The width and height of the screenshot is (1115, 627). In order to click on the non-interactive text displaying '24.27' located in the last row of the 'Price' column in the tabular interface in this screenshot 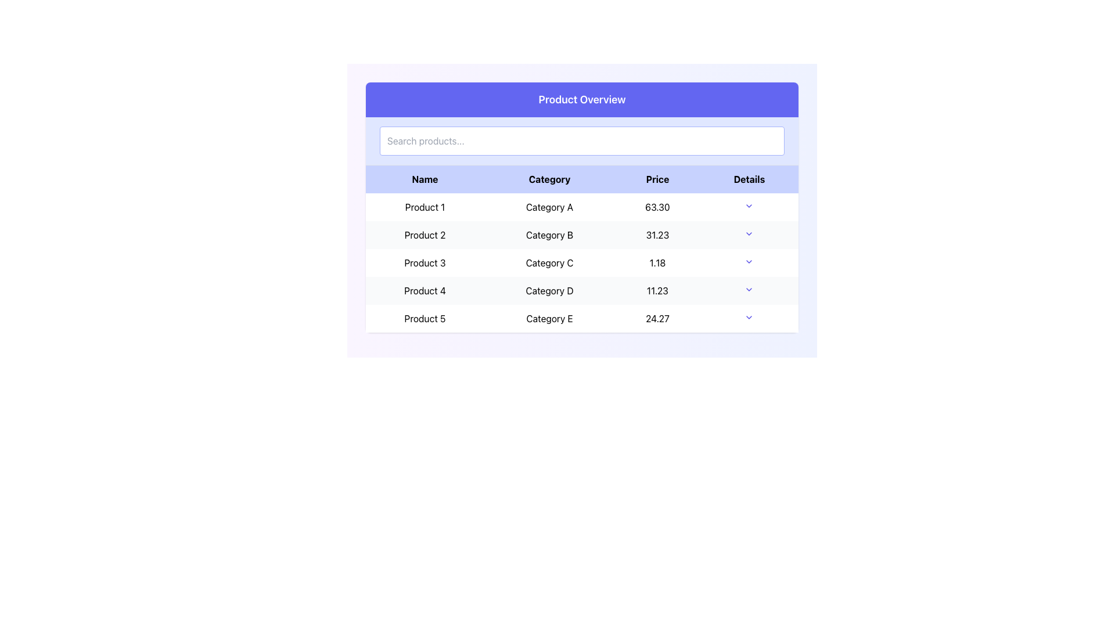, I will do `click(657, 318)`.